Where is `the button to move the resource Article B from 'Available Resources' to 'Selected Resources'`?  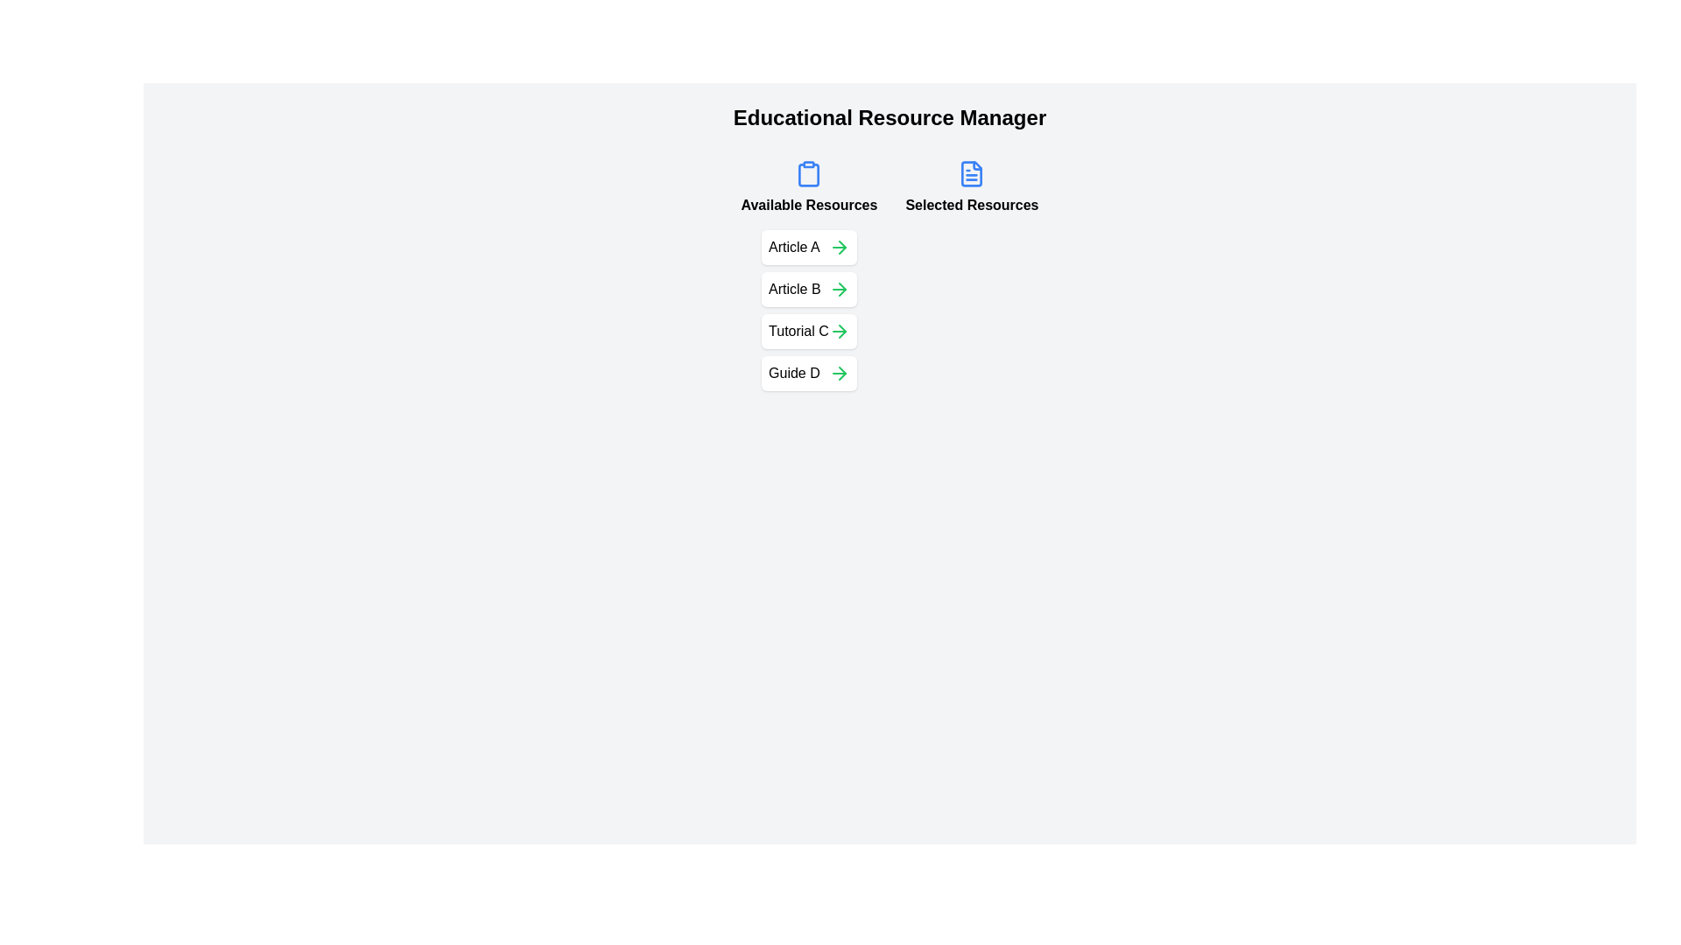
the button to move the resource Article B from 'Available Resources' to 'Selected Resources' is located at coordinates (838, 289).